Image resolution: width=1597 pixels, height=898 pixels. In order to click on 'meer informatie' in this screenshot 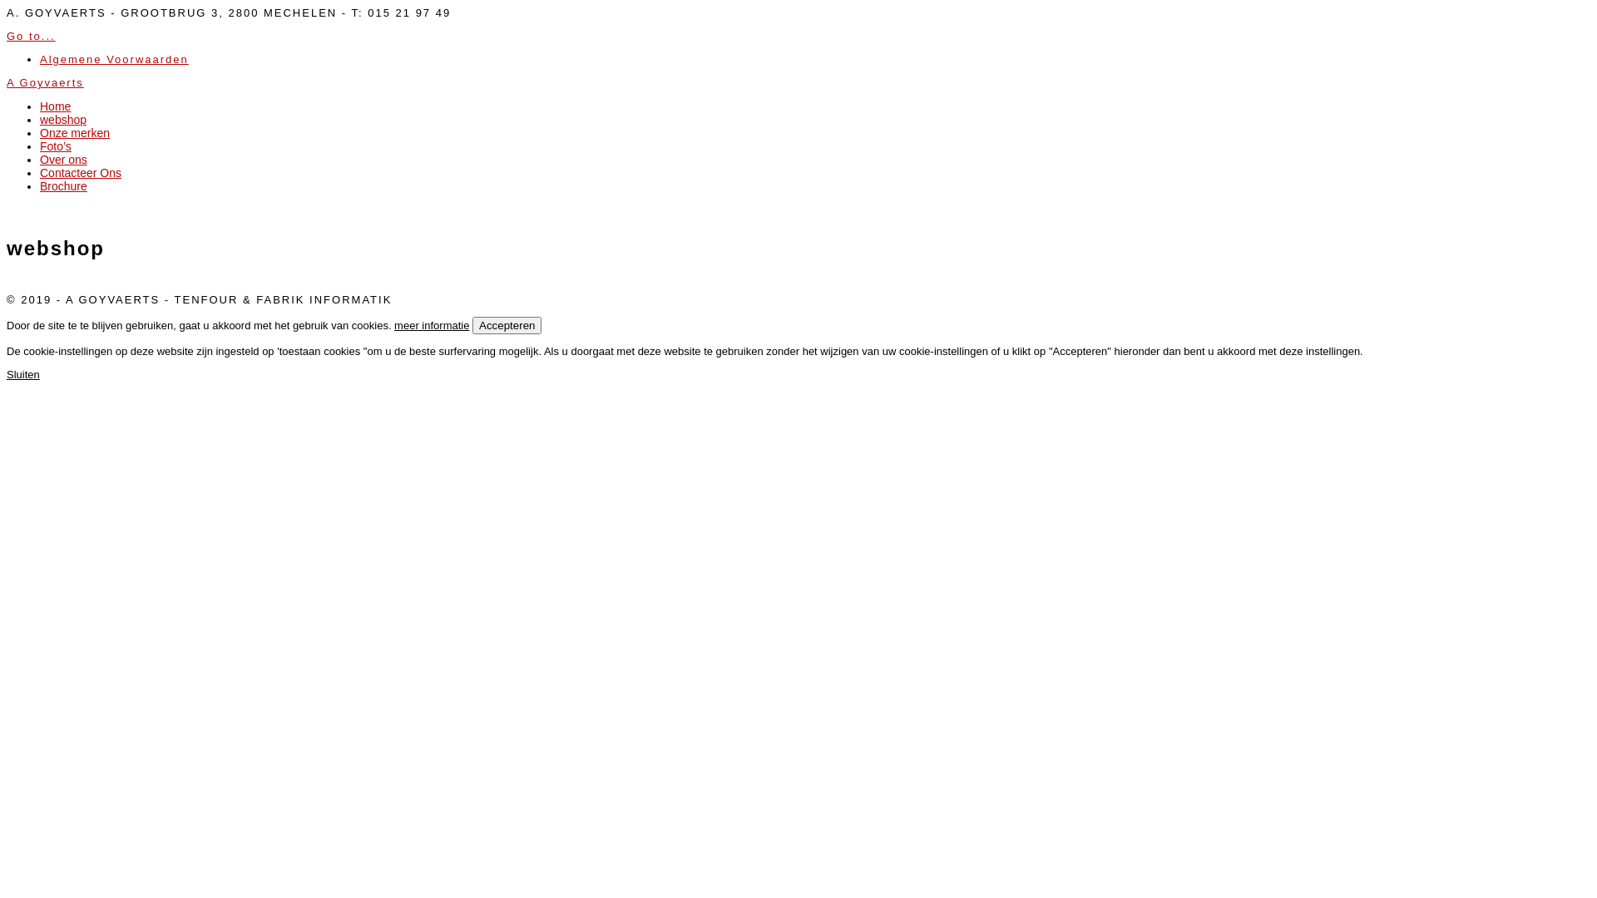, I will do `click(431, 325)`.